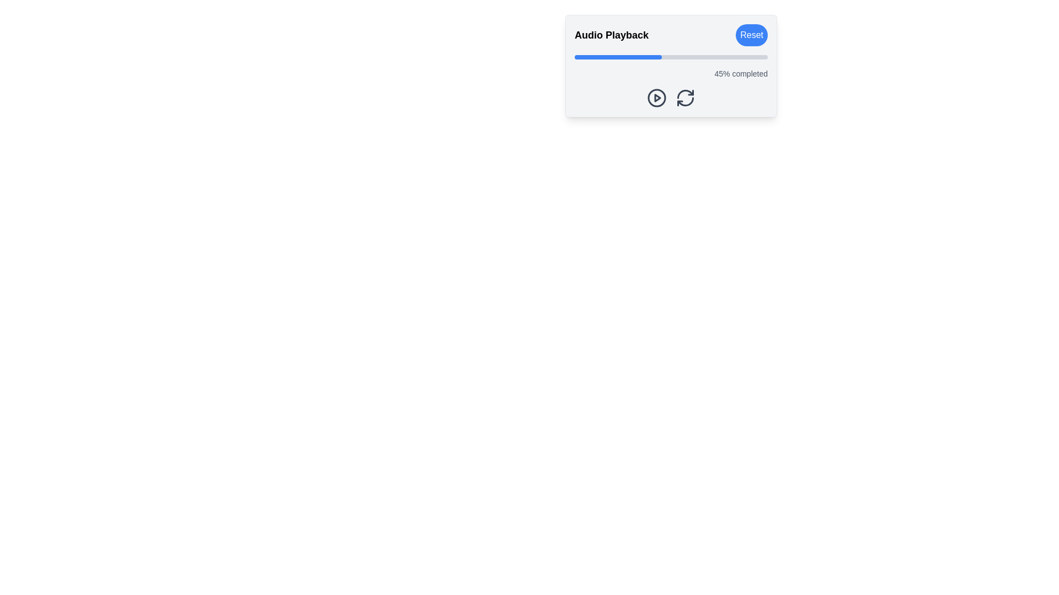 The height and width of the screenshot is (595, 1059). What do you see at coordinates (633, 57) in the screenshot?
I see `progress` at bounding box center [633, 57].